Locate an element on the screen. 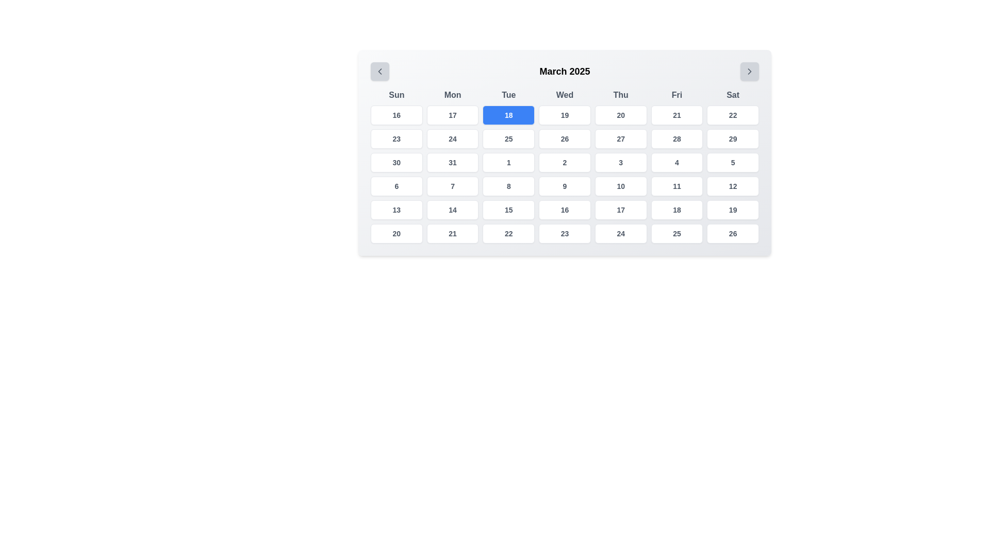 This screenshot has height=556, width=990. the backward navigation icon located in the top-left of the calendar interface is located at coordinates (379, 71).